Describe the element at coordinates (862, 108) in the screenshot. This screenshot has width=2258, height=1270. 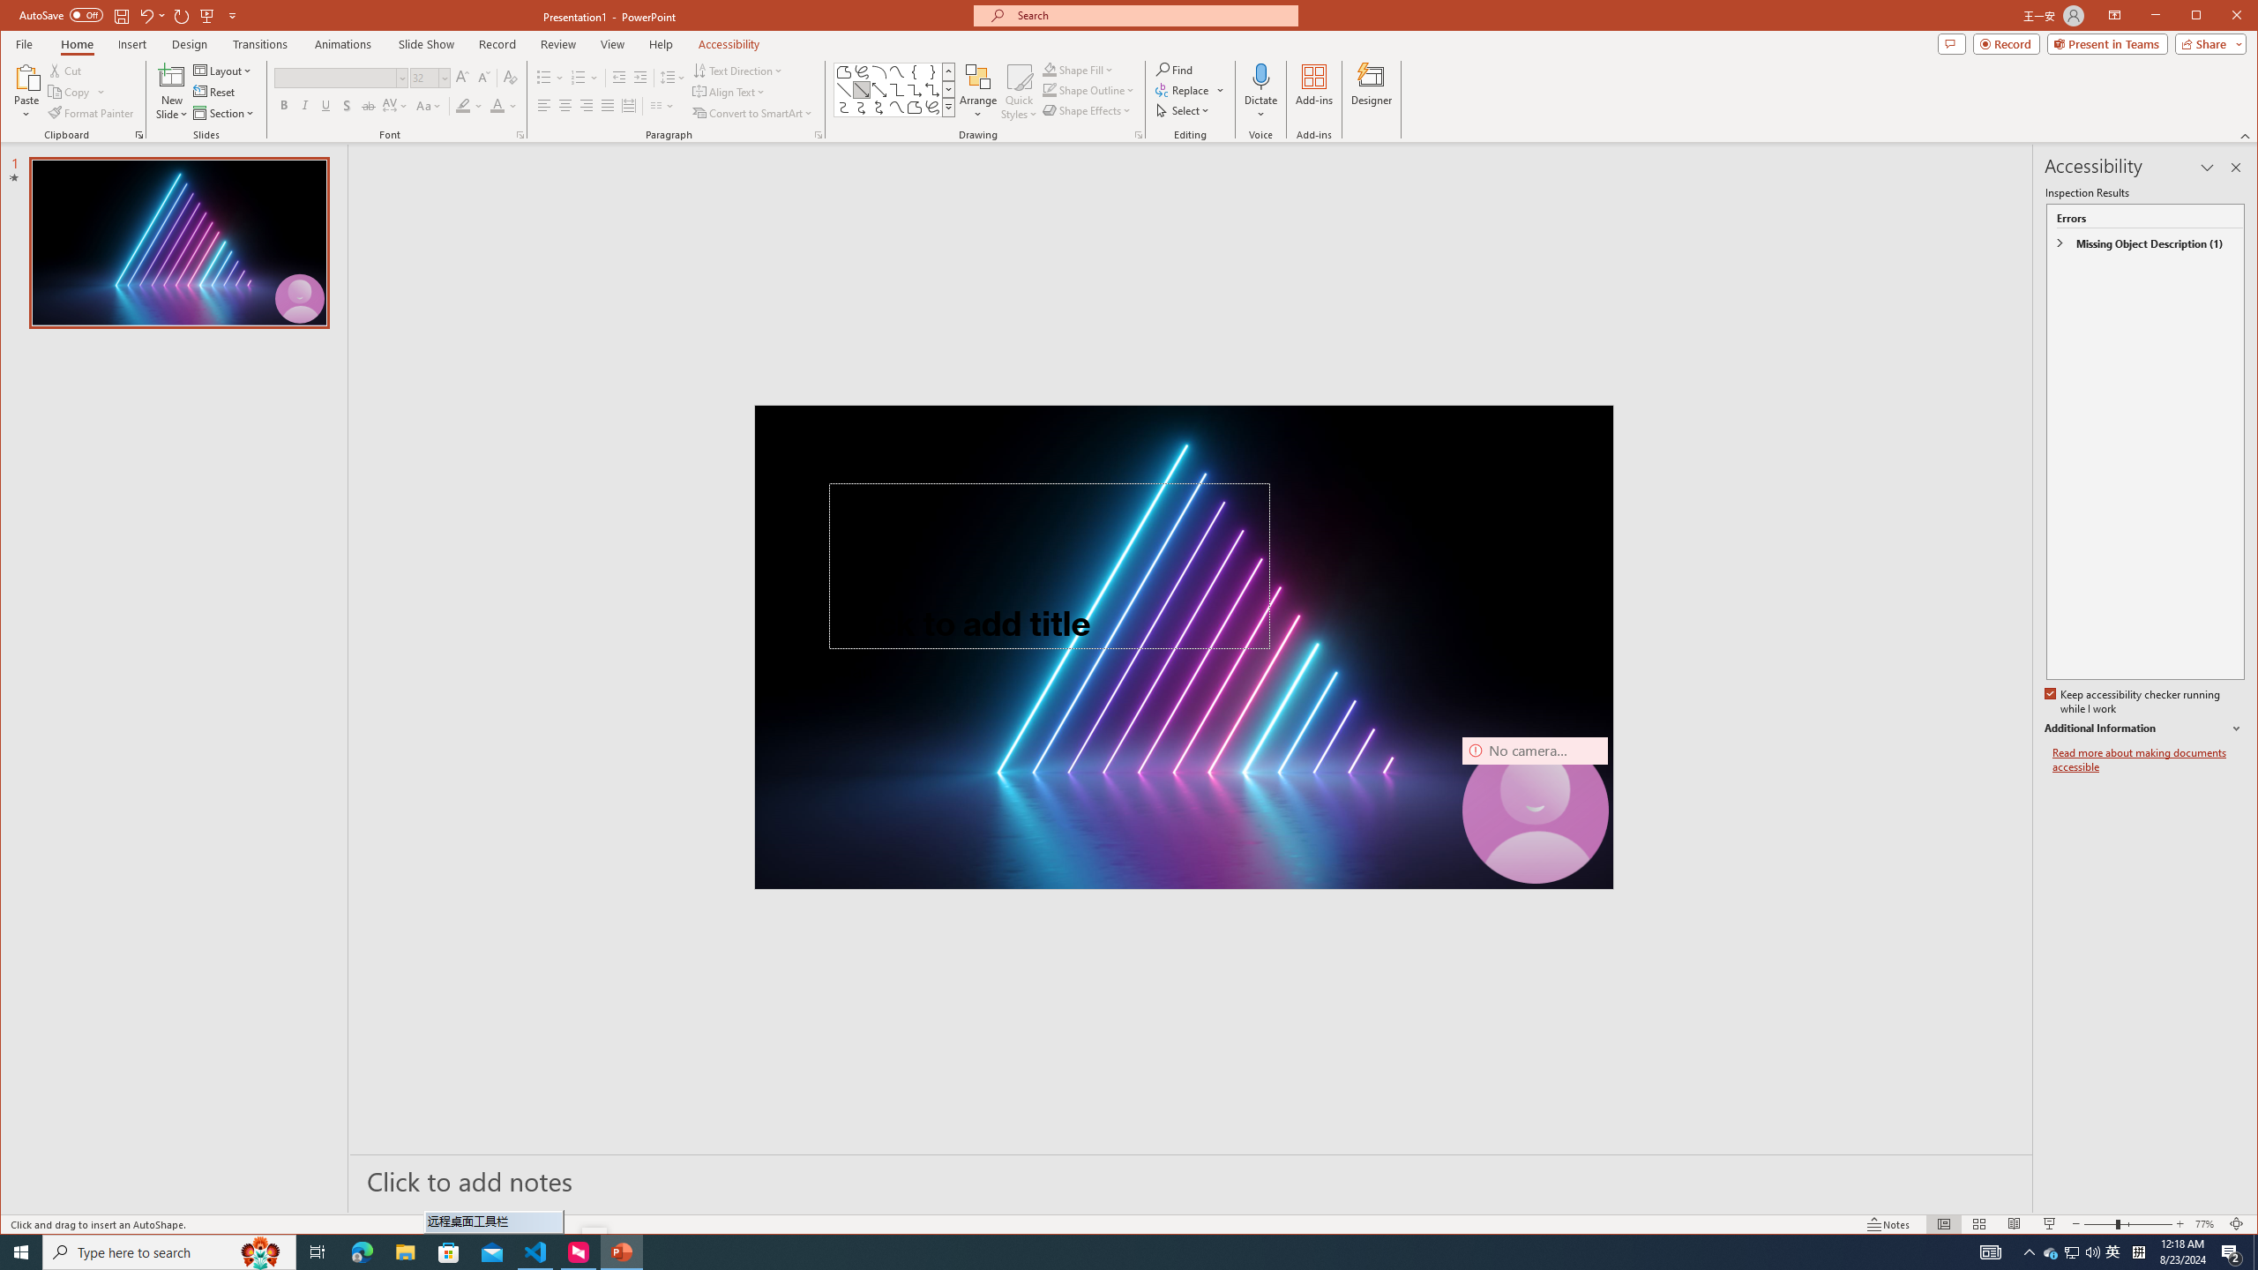
I see `'Connector: Curved Arrow'` at that location.